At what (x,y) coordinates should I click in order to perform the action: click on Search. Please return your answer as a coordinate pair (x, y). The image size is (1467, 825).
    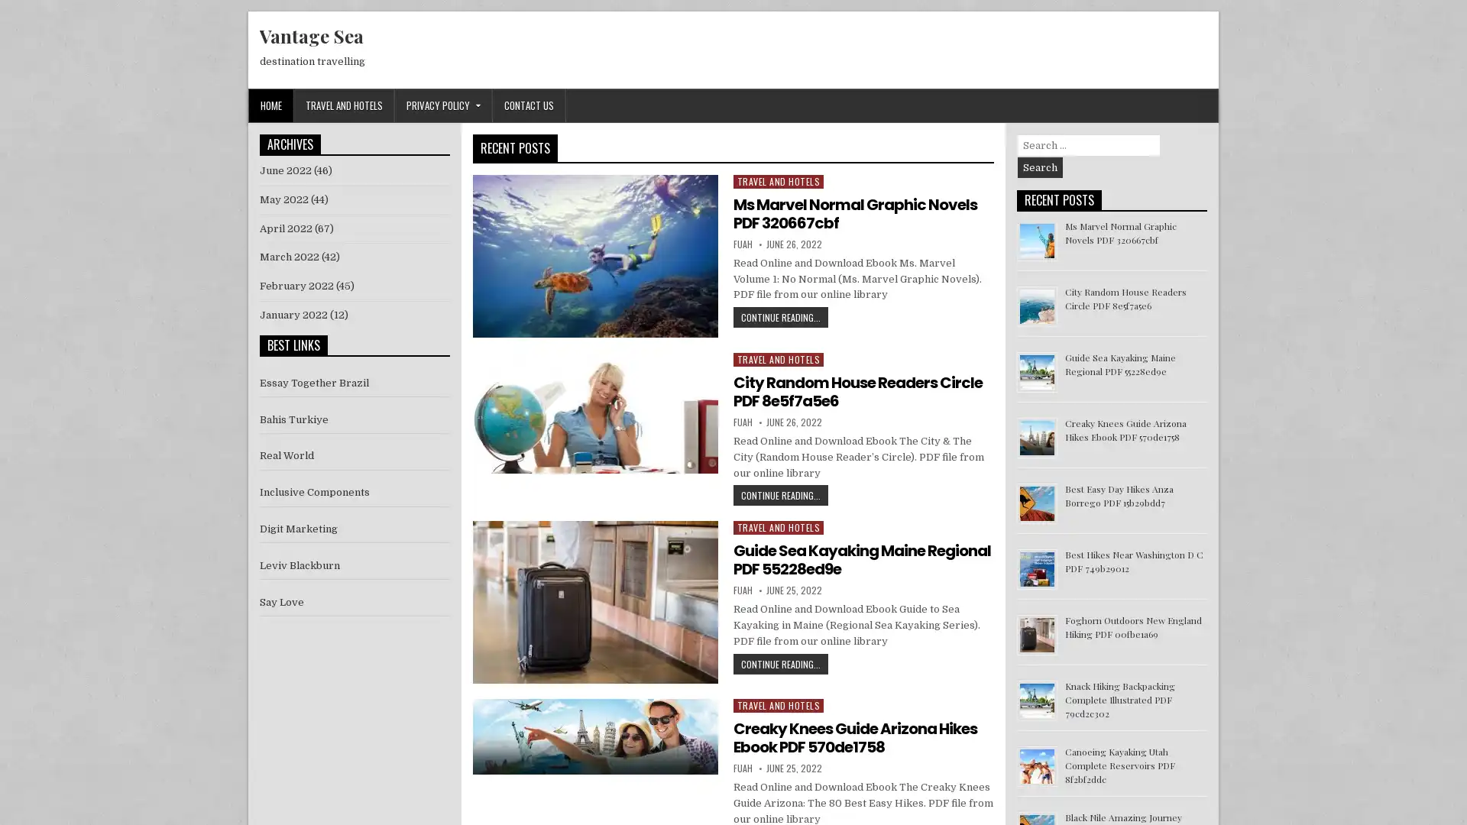
    Looking at the image, I should click on (1039, 167).